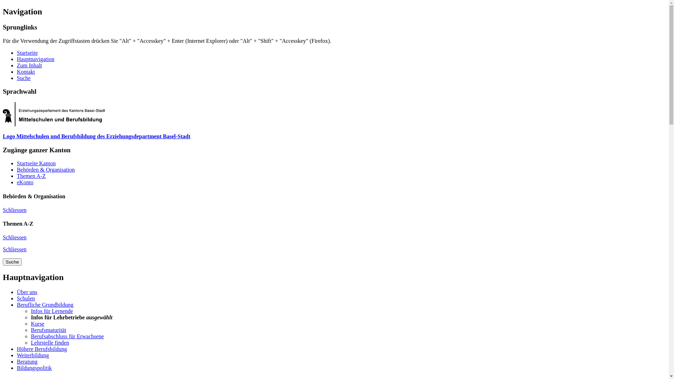 This screenshot has height=379, width=674. What do you see at coordinates (36, 163) in the screenshot?
I see `'Startseite Kanton'` at bounding box center [36, 163].